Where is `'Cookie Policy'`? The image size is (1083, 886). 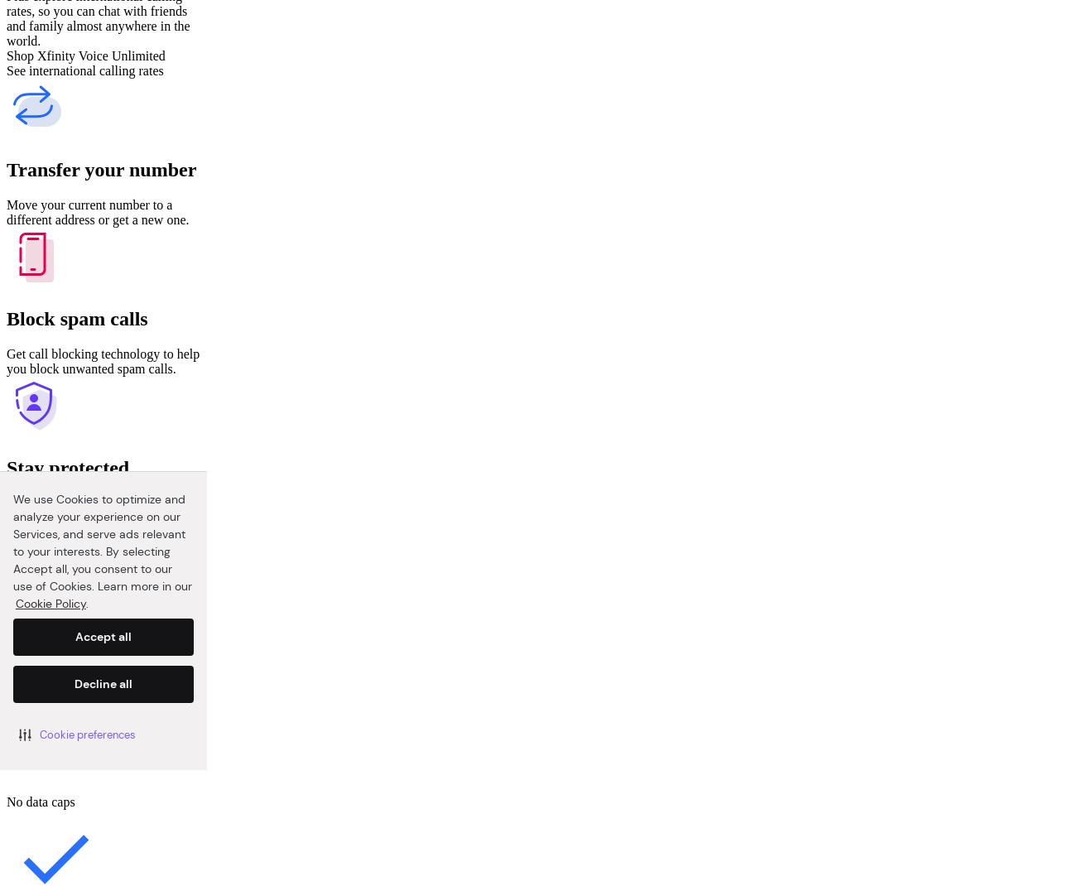 'Cookie Policy' is located at coordinates (50, 602).